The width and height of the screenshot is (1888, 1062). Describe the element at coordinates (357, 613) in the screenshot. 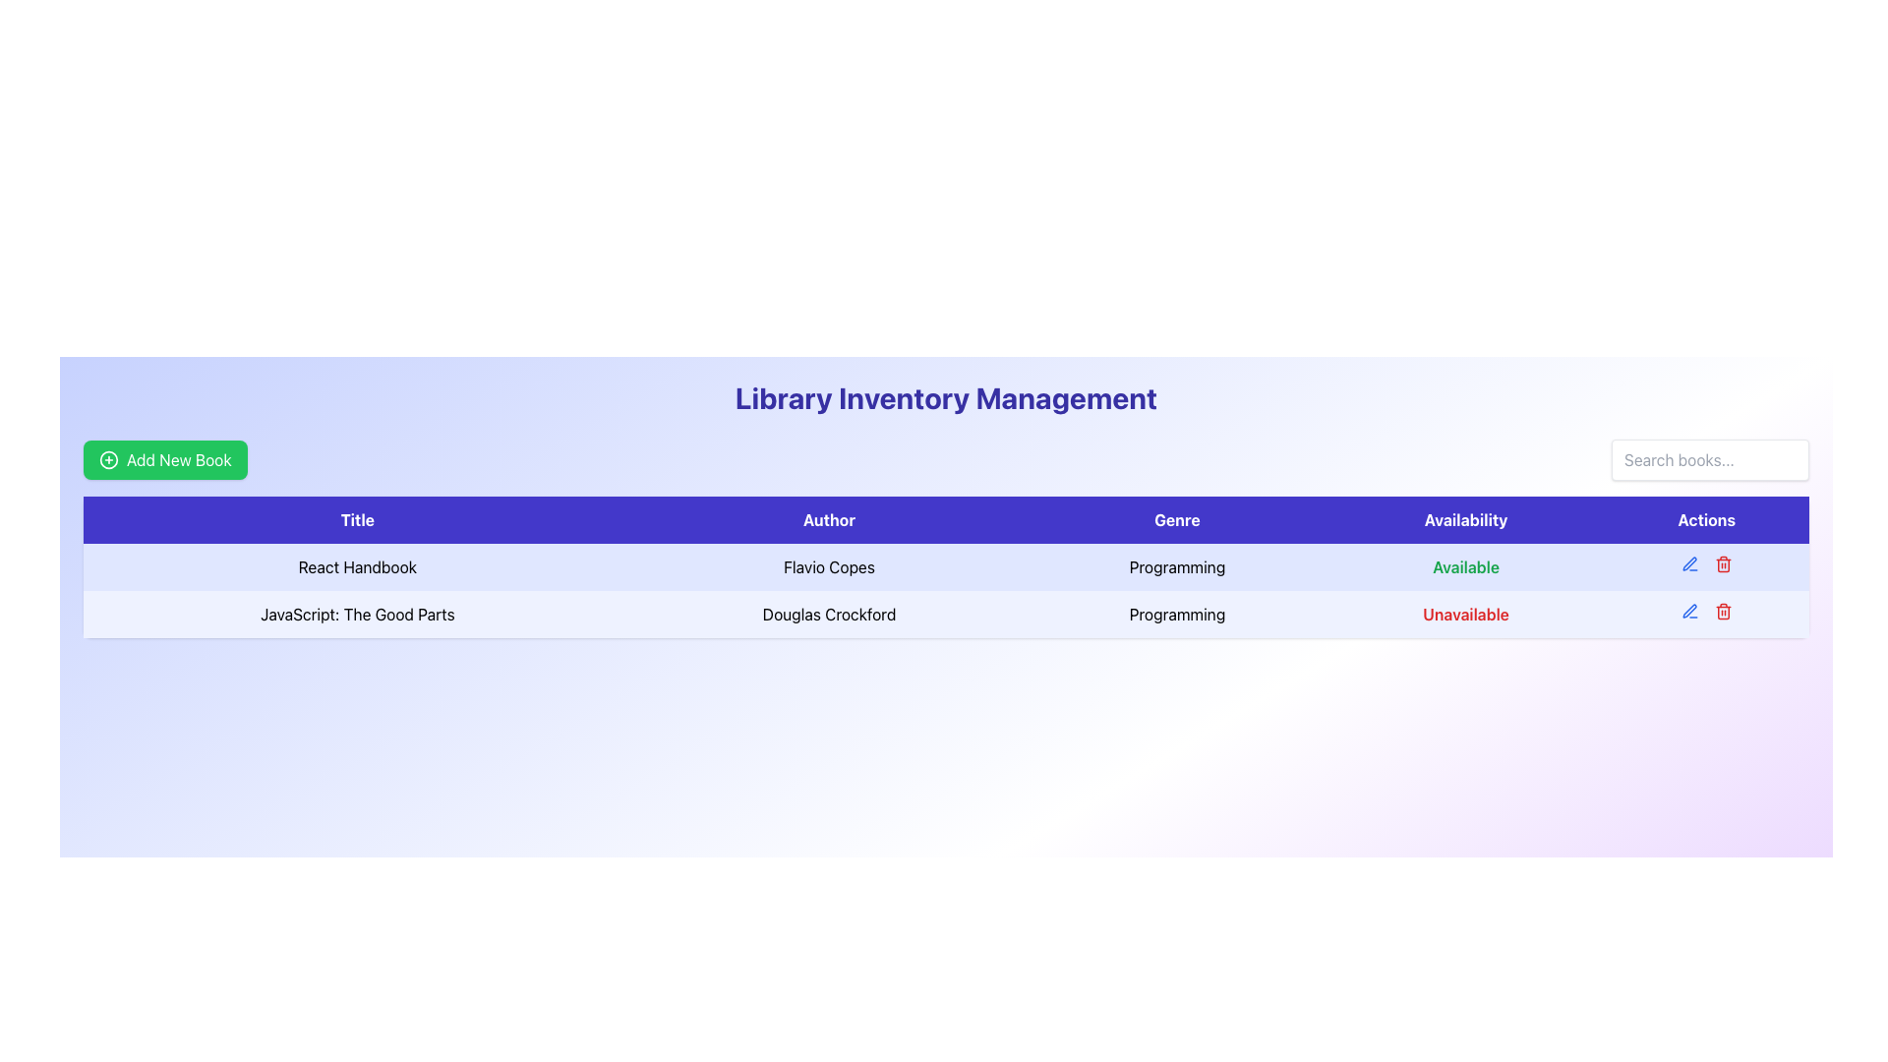

I see `the text label that serves as the title of the book in the second row of the inventory table, located in the first cell under the 'Title' column` at that location.